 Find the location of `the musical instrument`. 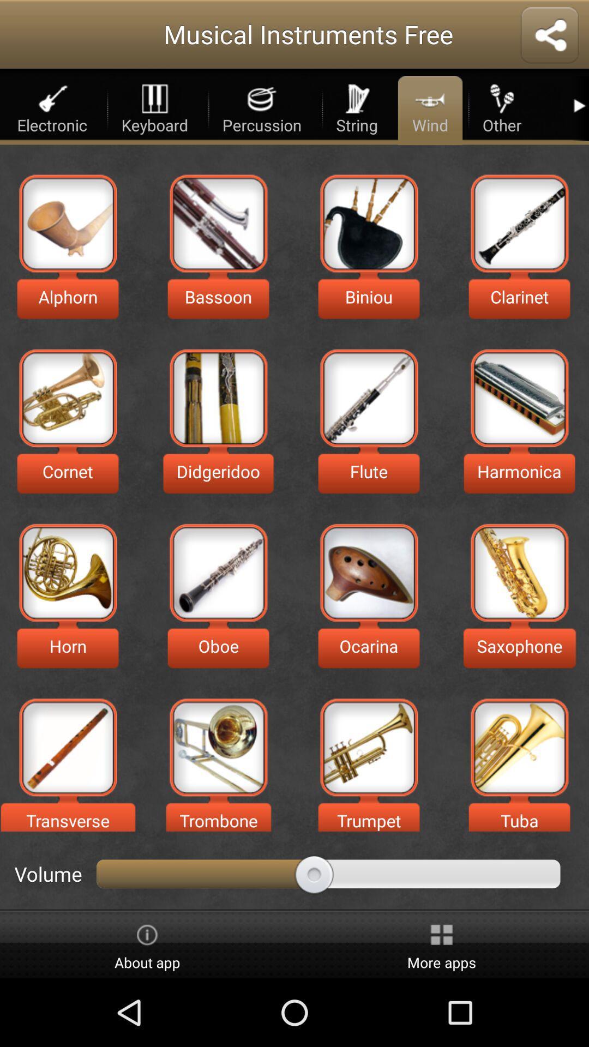

the musical instrument is located at coordinates (218, 747).